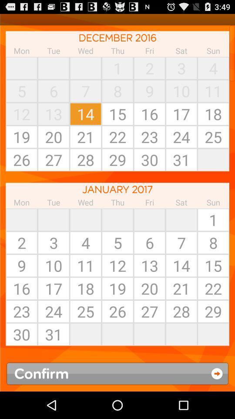 The image size is (235, 419). What do you see at coordinates (181, 219) in the screenshot?
I see `the icon above 6 icon` at bounding box center [181, 219].